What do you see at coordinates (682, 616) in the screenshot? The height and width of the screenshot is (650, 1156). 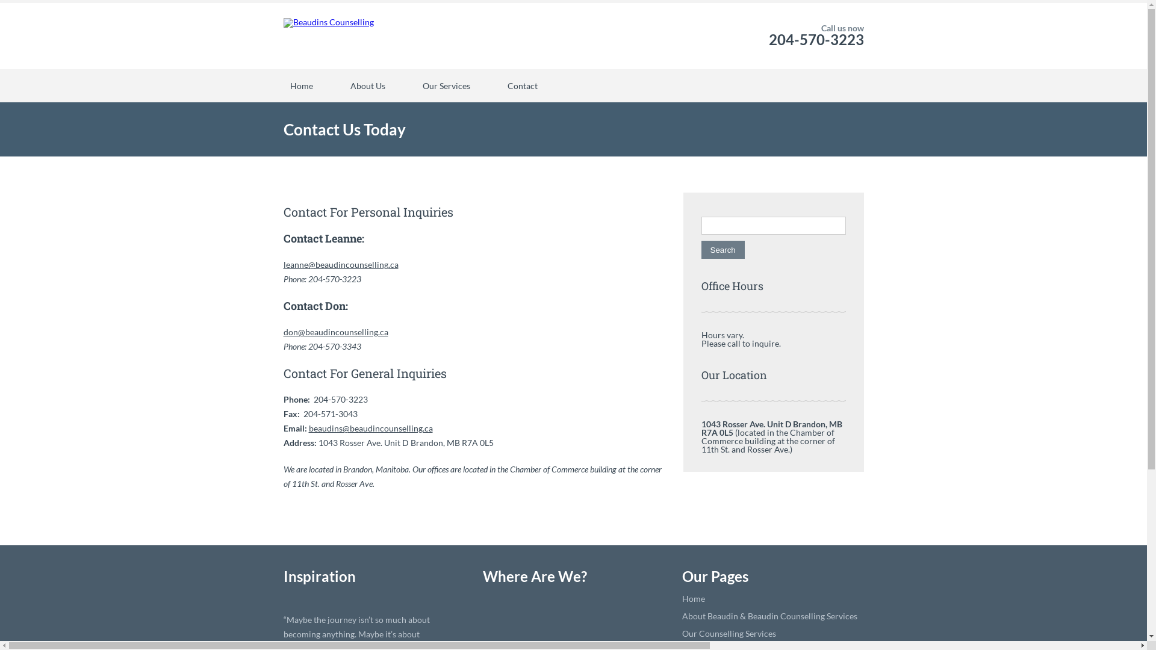 I see `'About Beaudin & Beaudin Counselling Services'` at bounding box center [682, 616].